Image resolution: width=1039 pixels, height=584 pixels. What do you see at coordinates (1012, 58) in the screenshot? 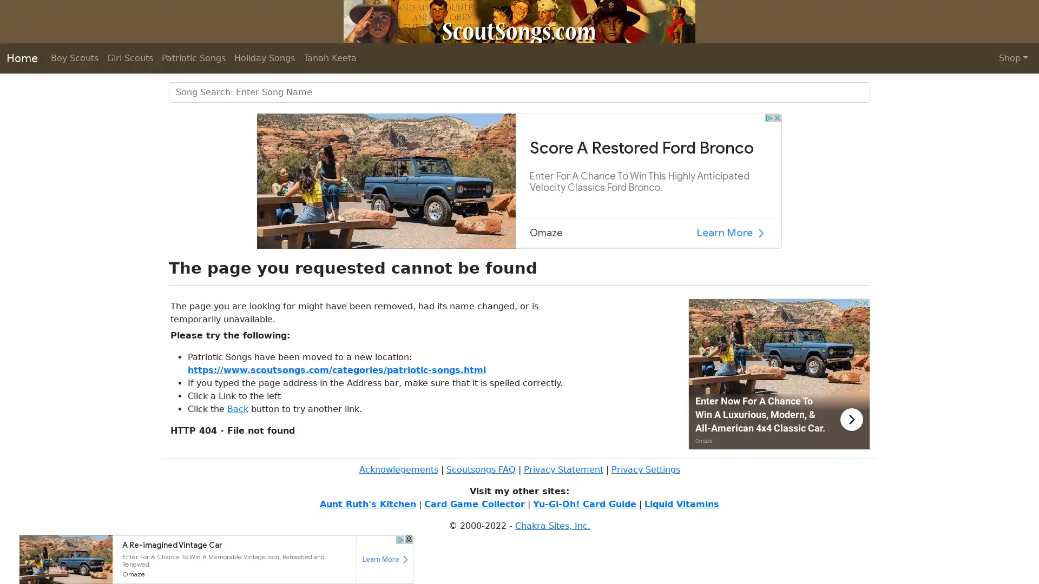
I see `Shop` at bounding box center [1012, 58].